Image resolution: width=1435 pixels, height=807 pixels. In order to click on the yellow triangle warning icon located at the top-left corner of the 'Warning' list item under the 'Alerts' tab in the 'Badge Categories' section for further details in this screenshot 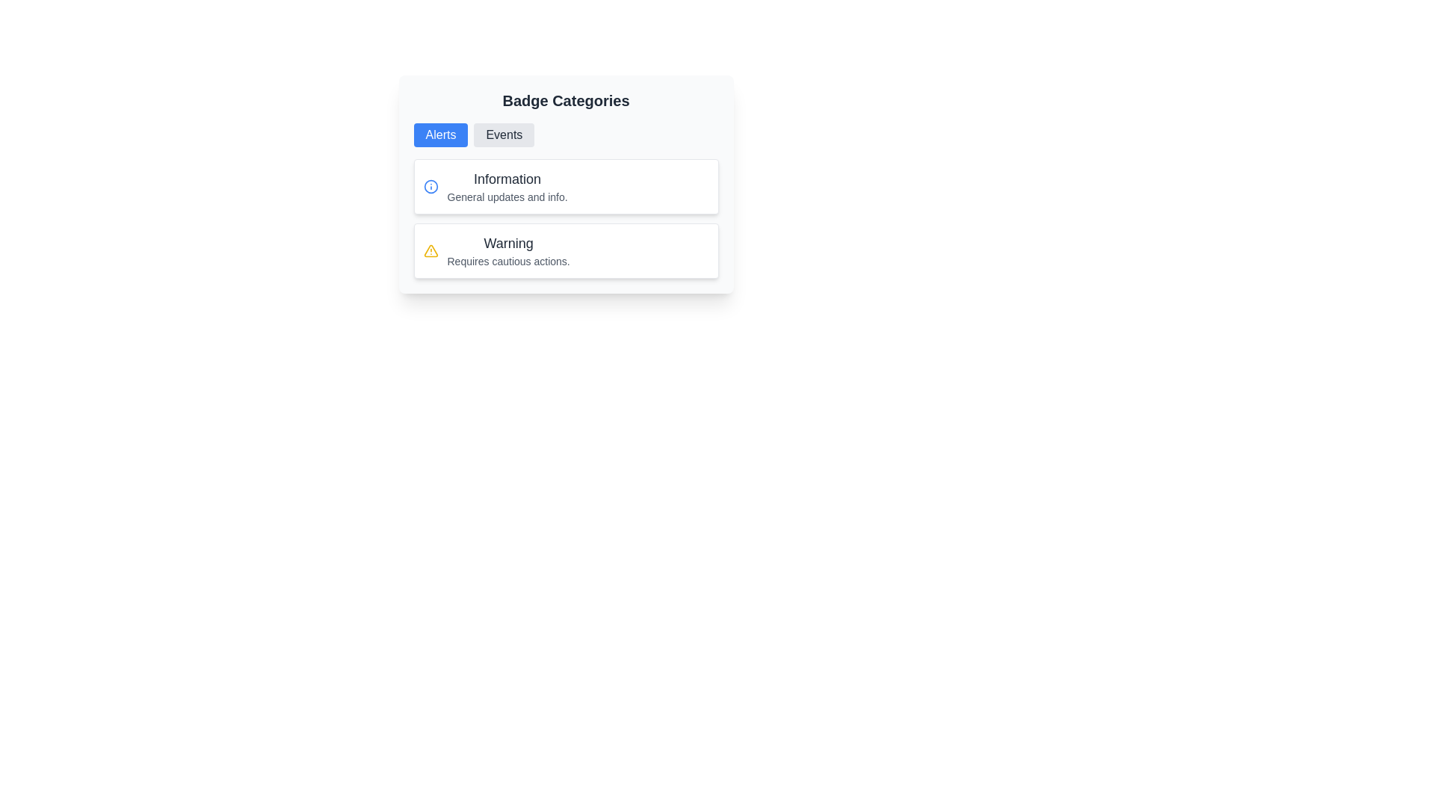, I will do `click(430, 250)`.